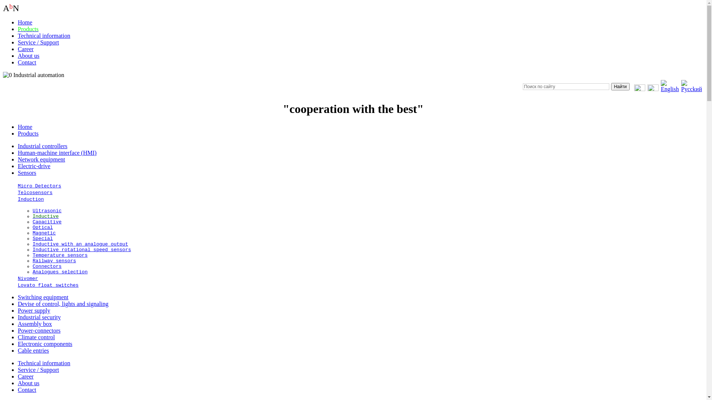 This screenshot has height=400, width=712. What do you see at coordinates (34, 323) in the screenshot?
I see `'Assembly box'` at bounding box center [34, 323].